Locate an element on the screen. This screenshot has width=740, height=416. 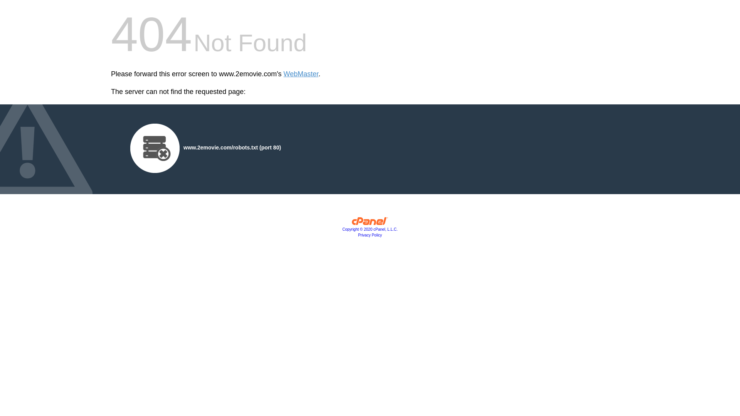
'cPanel, Inc.' is located at coordinates (370, 223).